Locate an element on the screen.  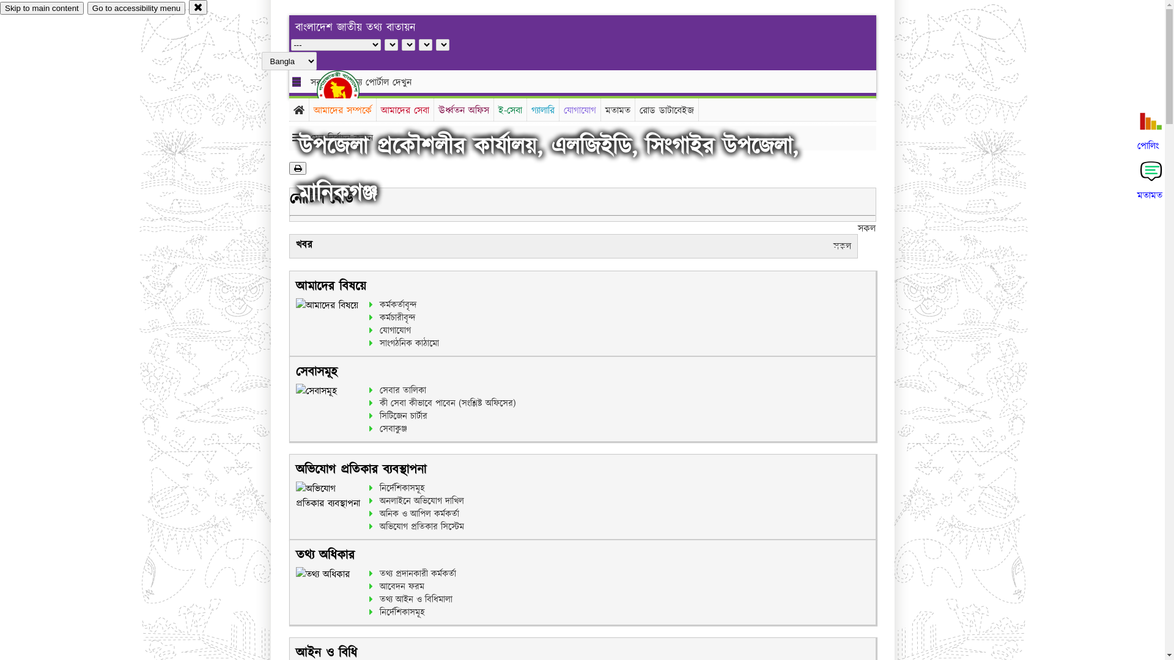
' is located at coordinates (348, 90).